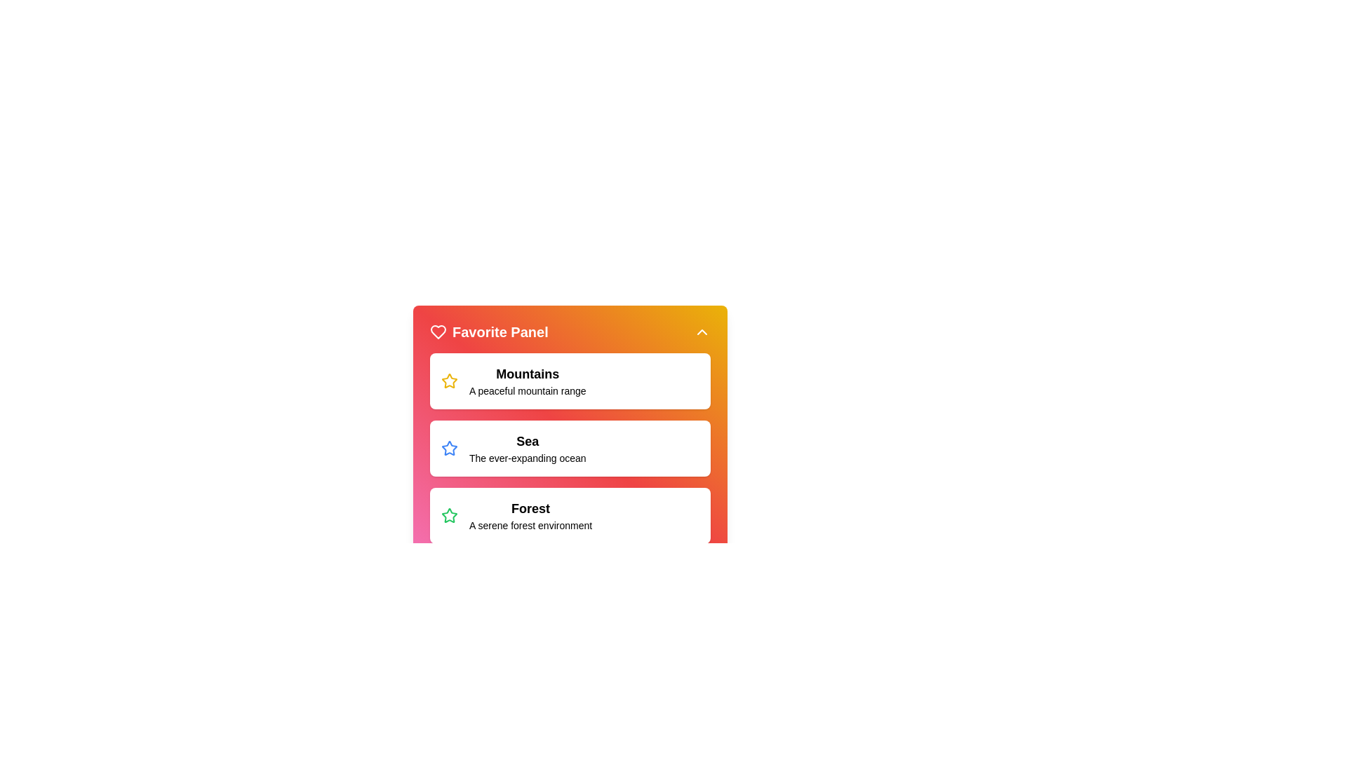  I want to click on the blue-filled star icon with a hollow outline design, located in the second panel next to the 'Sea' label and above the 'Forest' panel, so click(450, 448).